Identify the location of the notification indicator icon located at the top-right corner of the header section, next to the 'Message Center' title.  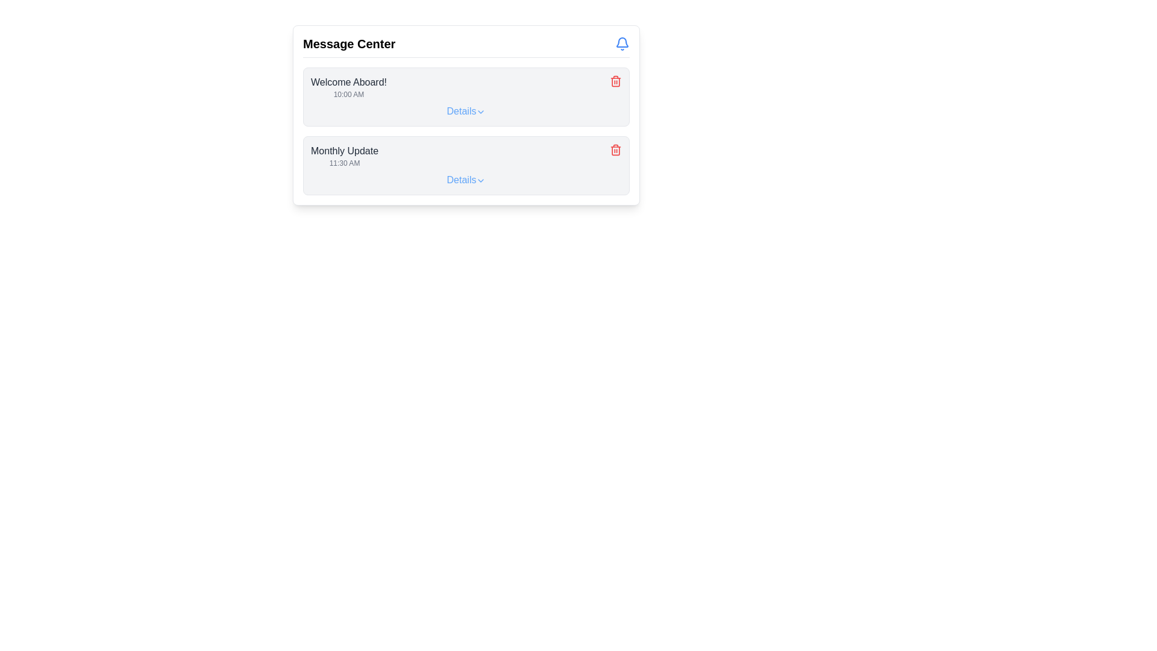
(622, 43).